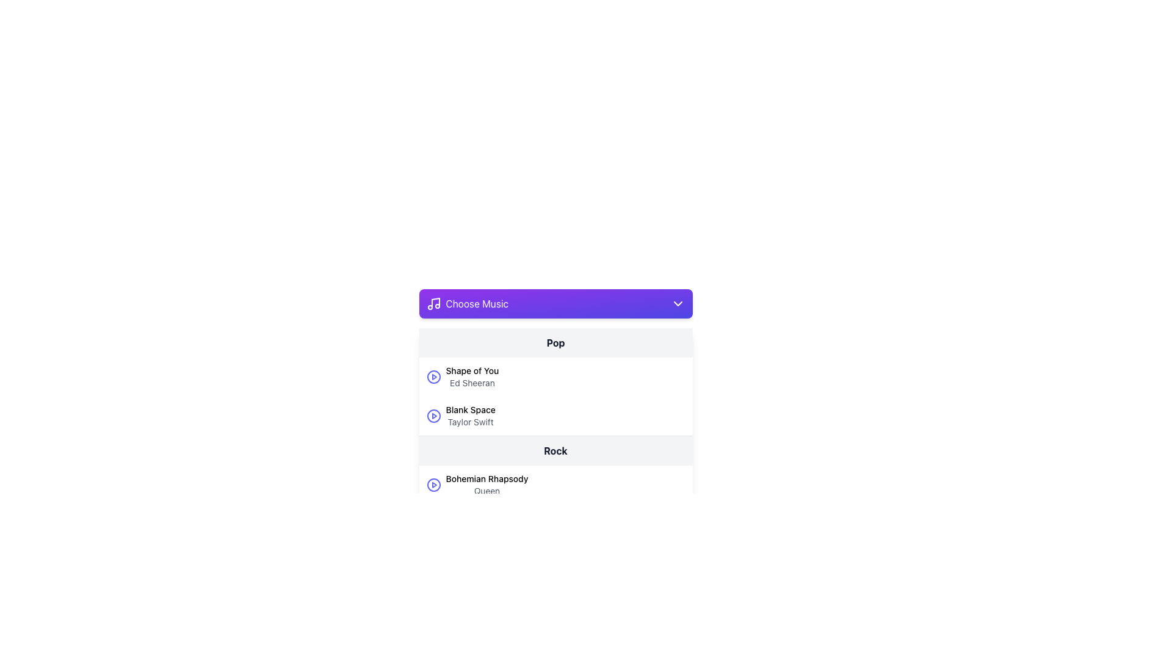 This screenshot has height=659, width=1172. Describe the element at coordinates (486, 491) in the screenshot. I see `the non-interactive label displaying the associated artist's name under the song title 'Bohemian Rhapsody' in the Rock section` at that location.